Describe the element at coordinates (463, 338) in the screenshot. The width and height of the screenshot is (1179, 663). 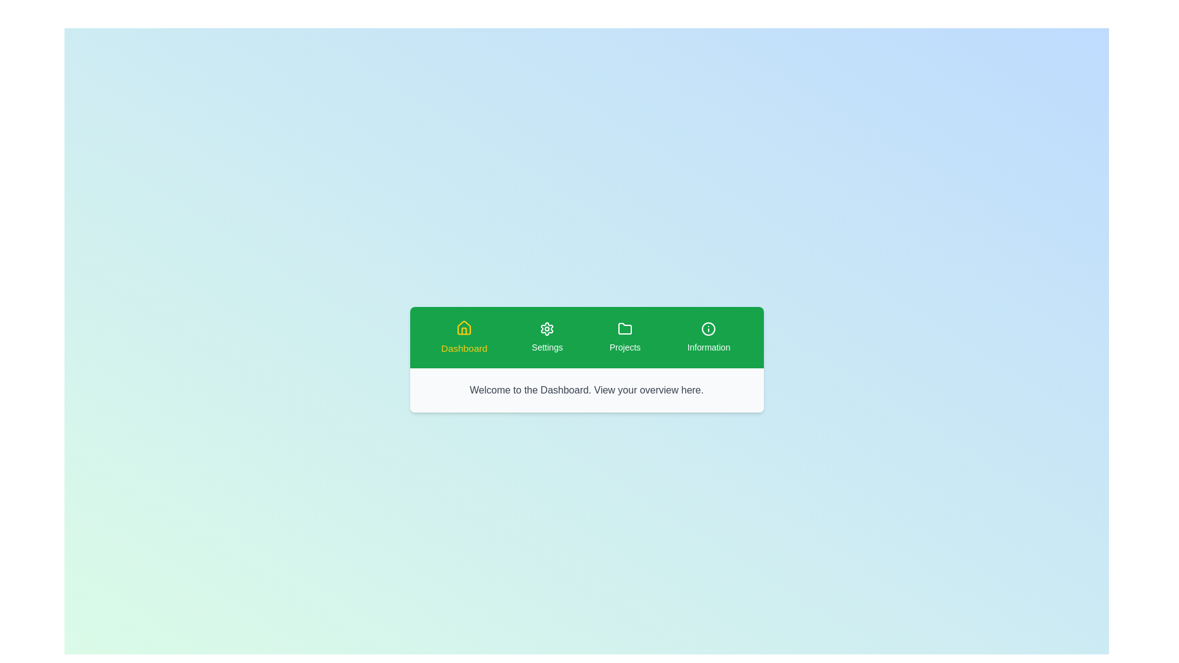
I see `the tab button labeled Dashboard to activate it` at that location.